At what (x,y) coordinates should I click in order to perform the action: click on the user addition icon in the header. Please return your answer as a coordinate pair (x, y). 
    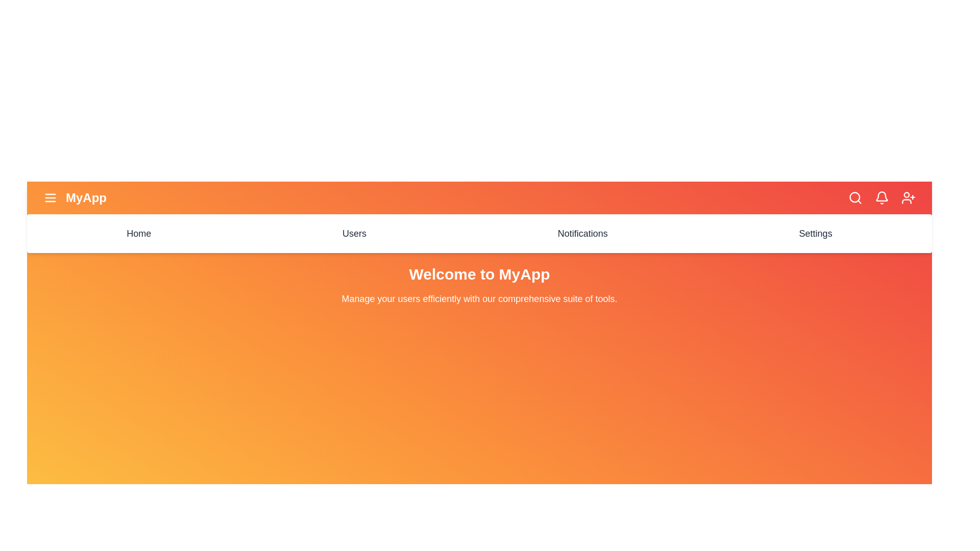
    Looking at the image, I should click on (909, 198).